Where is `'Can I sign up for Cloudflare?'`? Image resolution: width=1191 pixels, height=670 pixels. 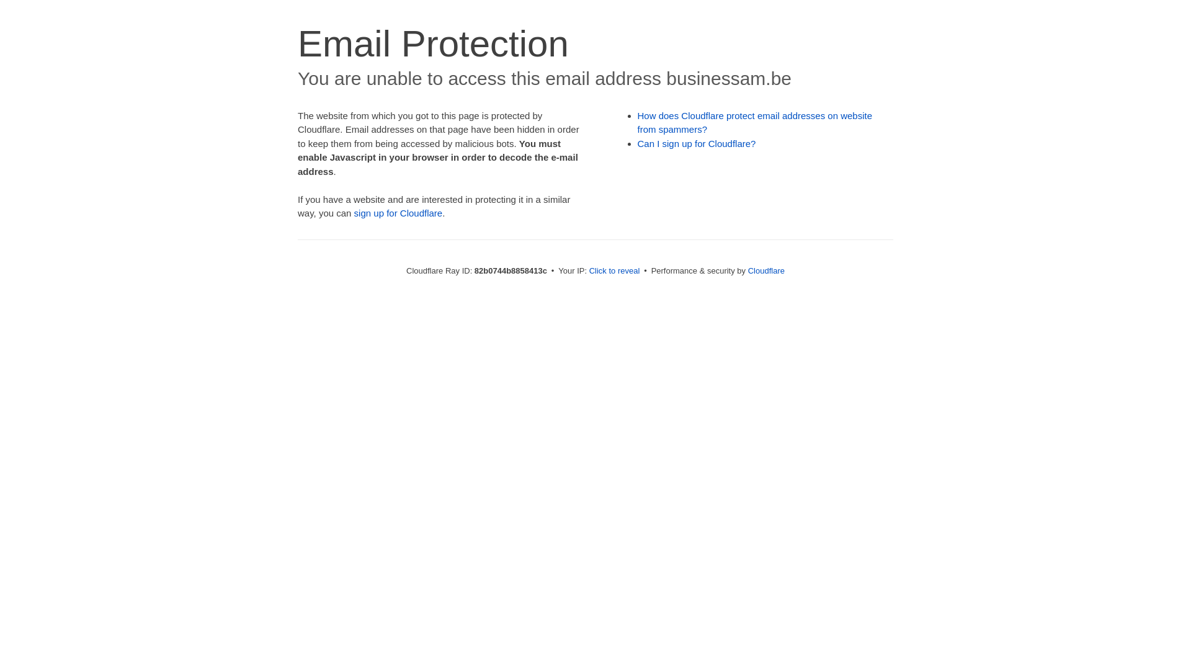 'Can I sign up for Cloudflare?' is located at coordinates (697, 143).